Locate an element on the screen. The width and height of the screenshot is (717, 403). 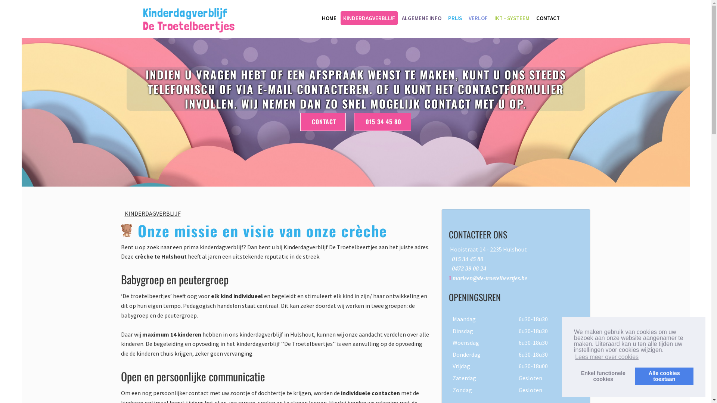
'Alle cookies is located at coordinates (664, 376).